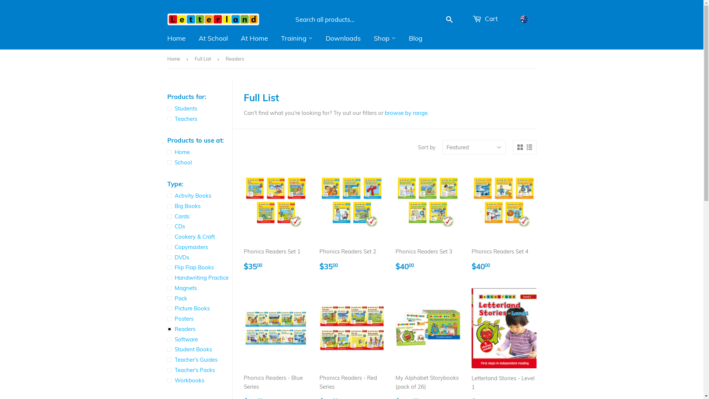 This screenshot has height=399, width=709. What do you see at coordinates (199, 287) in the screenshot?
I see `'Magnets'` at bounding box center [199, 287].